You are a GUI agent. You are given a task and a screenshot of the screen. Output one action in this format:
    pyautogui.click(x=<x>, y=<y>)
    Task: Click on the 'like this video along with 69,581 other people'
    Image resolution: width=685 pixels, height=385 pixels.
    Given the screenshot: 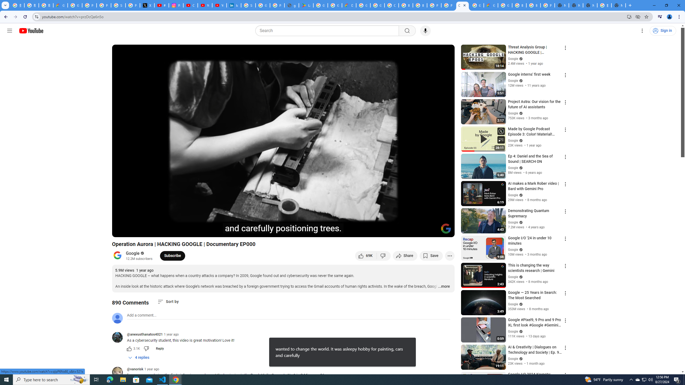 What is the action you would take?
    pyautogui.click(x=366, y=255)
    